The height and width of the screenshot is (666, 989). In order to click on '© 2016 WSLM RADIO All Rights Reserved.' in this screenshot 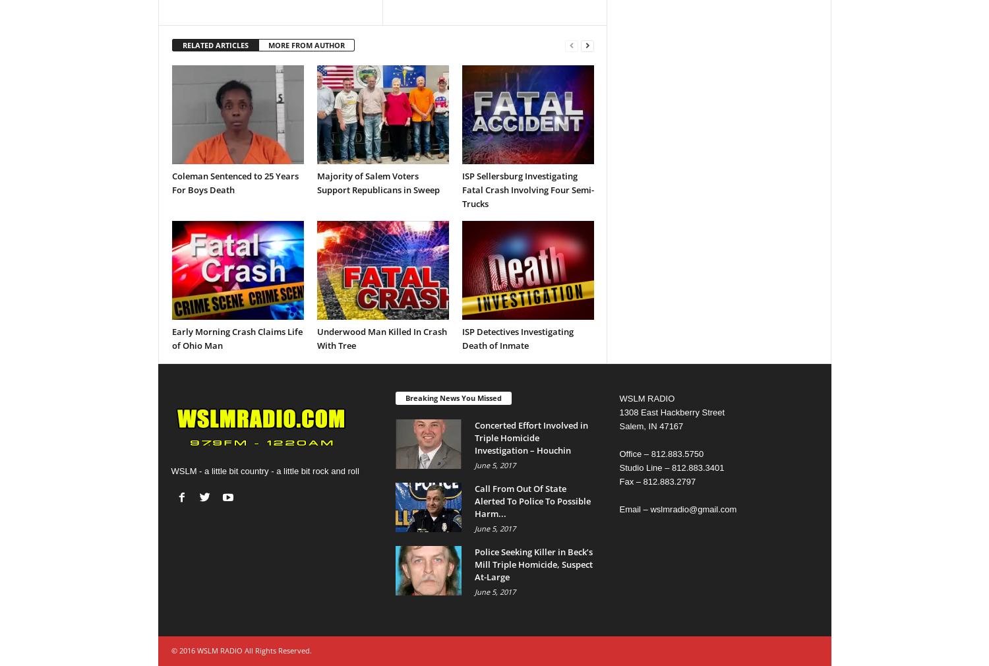, I will do `click(240, 650)`.